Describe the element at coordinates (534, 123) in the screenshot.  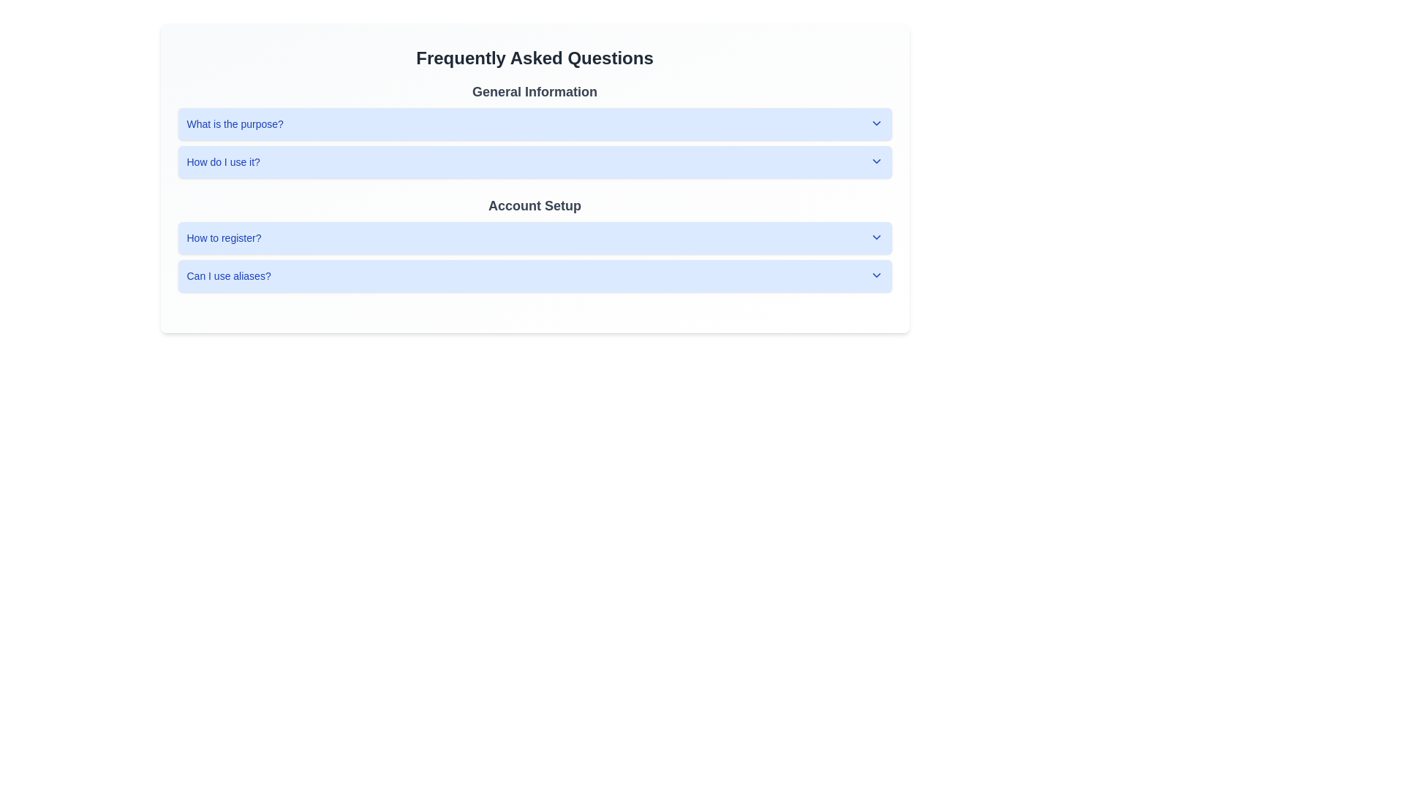
I see `the first button under the 'General Information' section` at that location.